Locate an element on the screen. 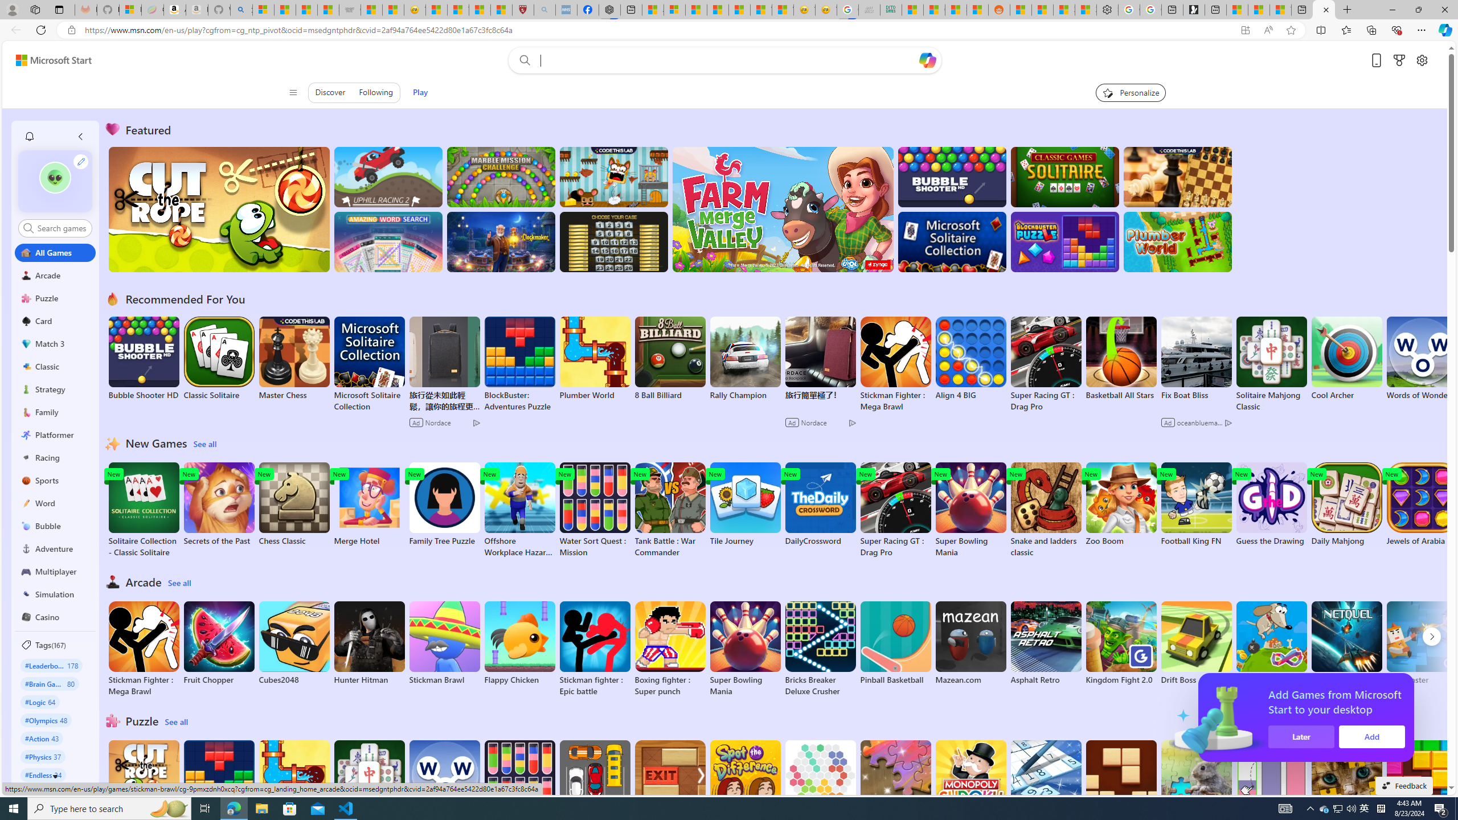  'Classic Solitaire' is located at coordinates (219, 358).